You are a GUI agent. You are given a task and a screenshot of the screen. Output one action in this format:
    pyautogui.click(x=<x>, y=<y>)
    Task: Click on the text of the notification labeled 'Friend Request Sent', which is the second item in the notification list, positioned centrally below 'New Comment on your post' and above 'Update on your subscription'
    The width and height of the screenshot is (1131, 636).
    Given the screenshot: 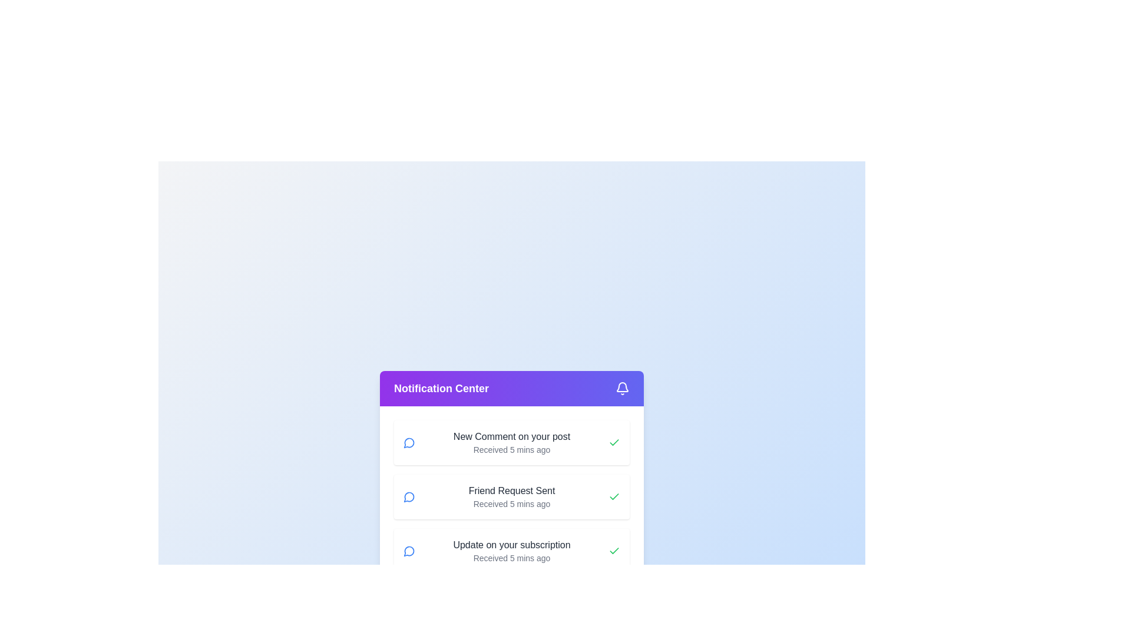 What is the action you would take?
    pyautogui.click(x=511, y=497)
    